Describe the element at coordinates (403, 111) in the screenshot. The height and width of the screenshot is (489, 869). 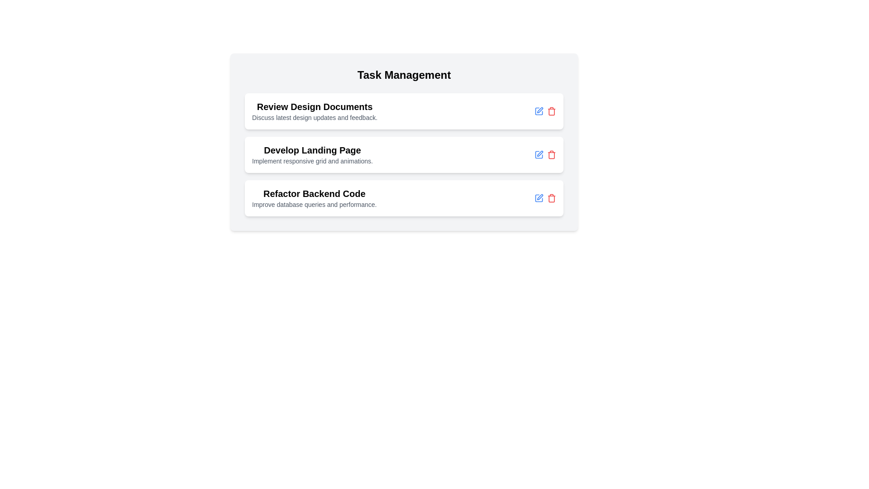
I see `the task card in the task management interface to emphasize it` at that location.